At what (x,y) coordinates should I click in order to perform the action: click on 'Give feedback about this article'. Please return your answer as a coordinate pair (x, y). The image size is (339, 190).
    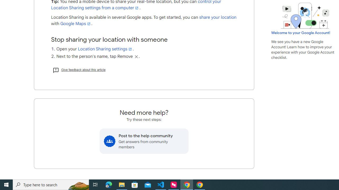
    Looking at the image, I should click on (79, 69).